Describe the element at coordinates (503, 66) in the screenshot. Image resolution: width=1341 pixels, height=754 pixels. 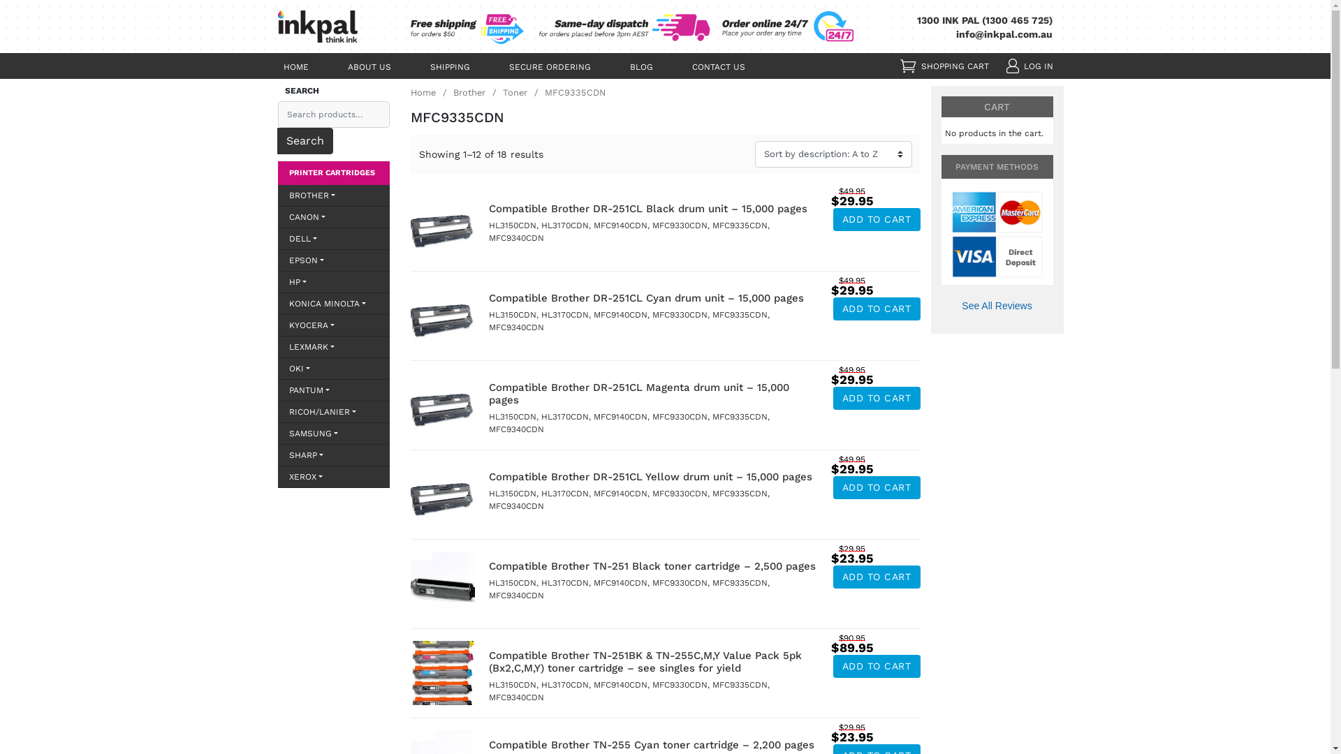
I see `'SECURE ORDERING'` at that location.